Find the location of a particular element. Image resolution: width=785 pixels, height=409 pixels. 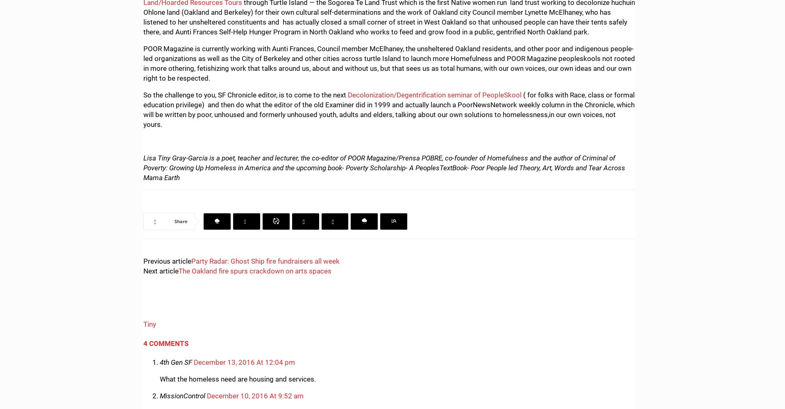

'What the homeless need are housing and services.' is located at coordinates (238, 379).